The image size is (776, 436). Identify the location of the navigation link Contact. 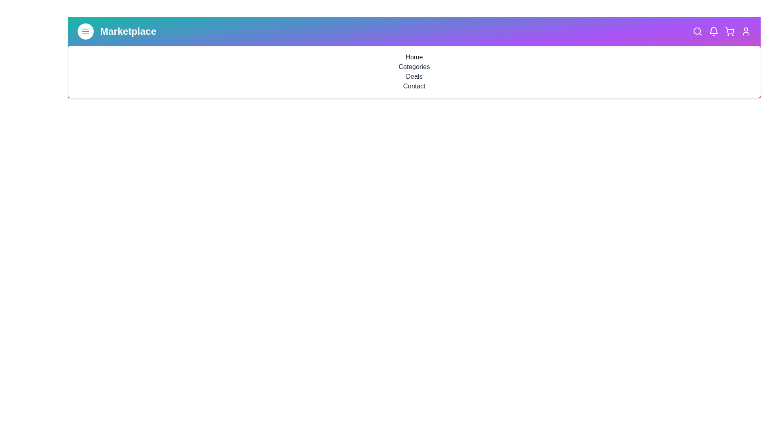
(414, 86).